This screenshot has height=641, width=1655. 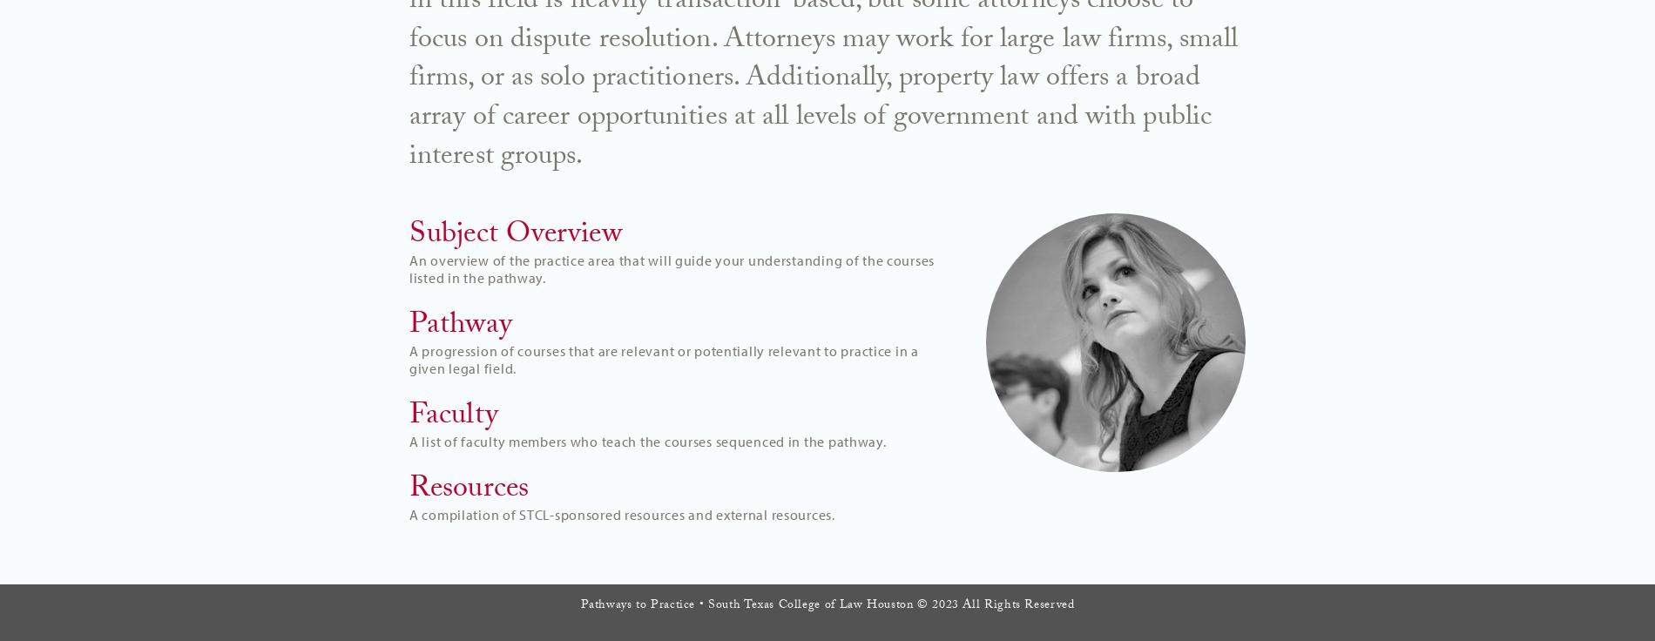 What do you see at coordinates (460, 325) in the screenshot?
I see `'Pathway'` at bounding box center [460, 325].